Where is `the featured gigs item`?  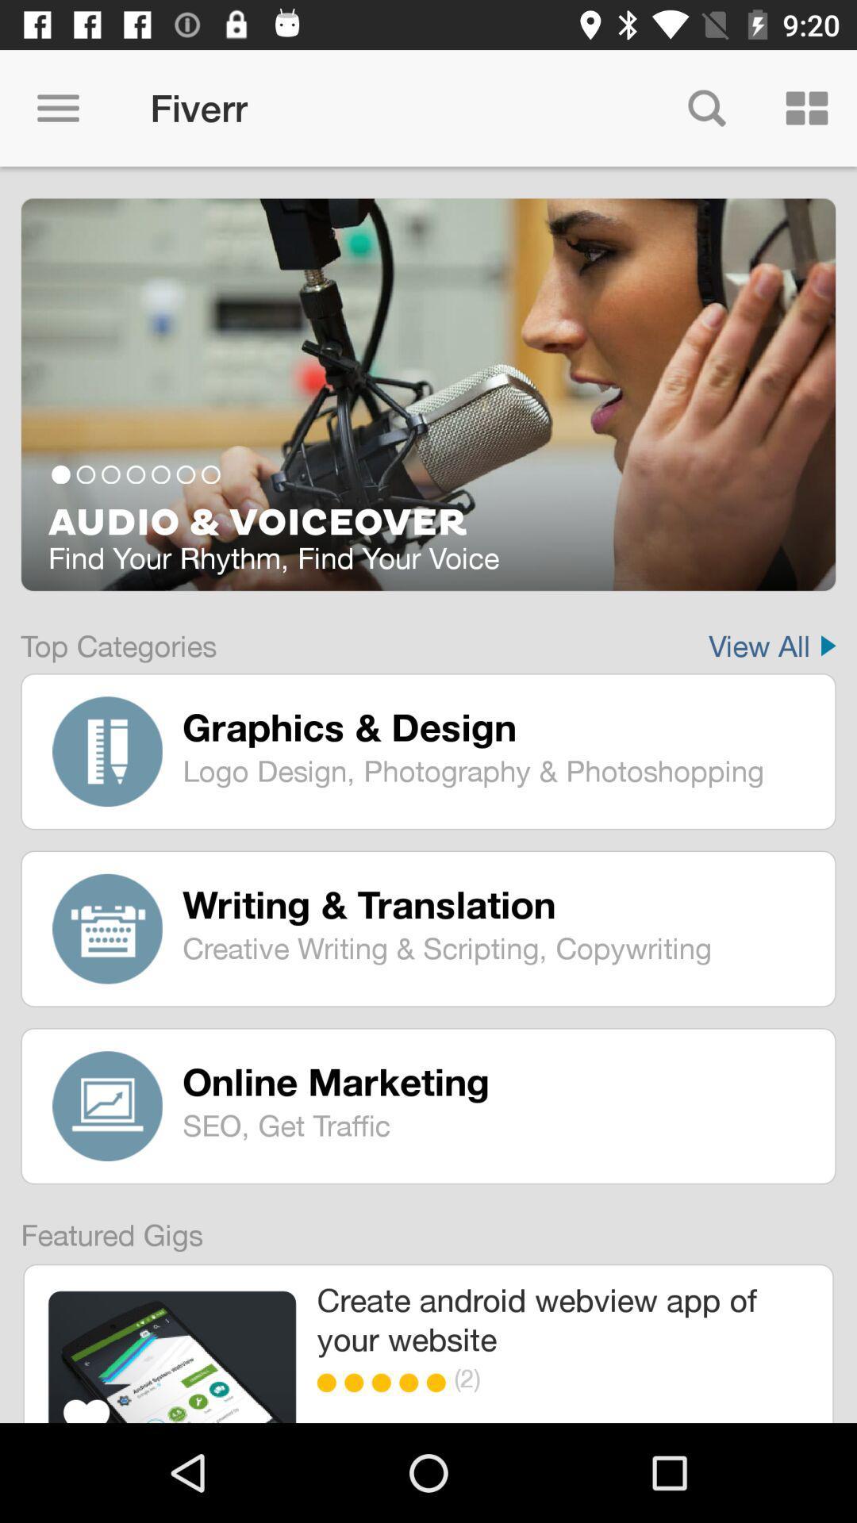 the featured gigs item is located at coordinates (101, 1227).